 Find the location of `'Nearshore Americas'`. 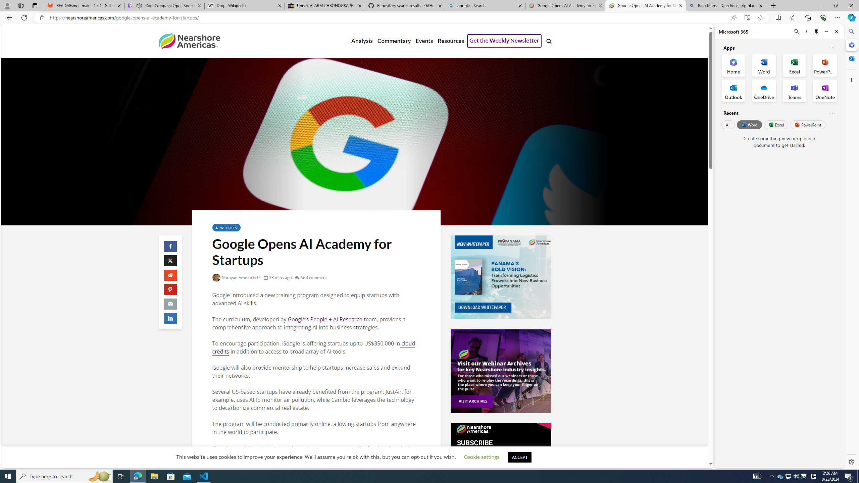

'Nearshore Americas' is located at coordinates (189, 40).